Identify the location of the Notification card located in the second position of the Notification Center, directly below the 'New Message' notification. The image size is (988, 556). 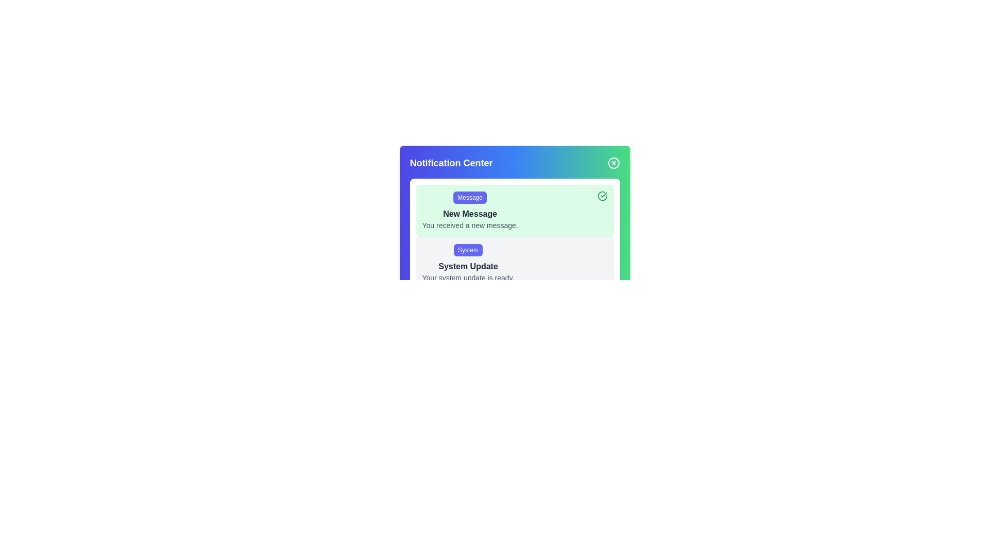
(515, 262).